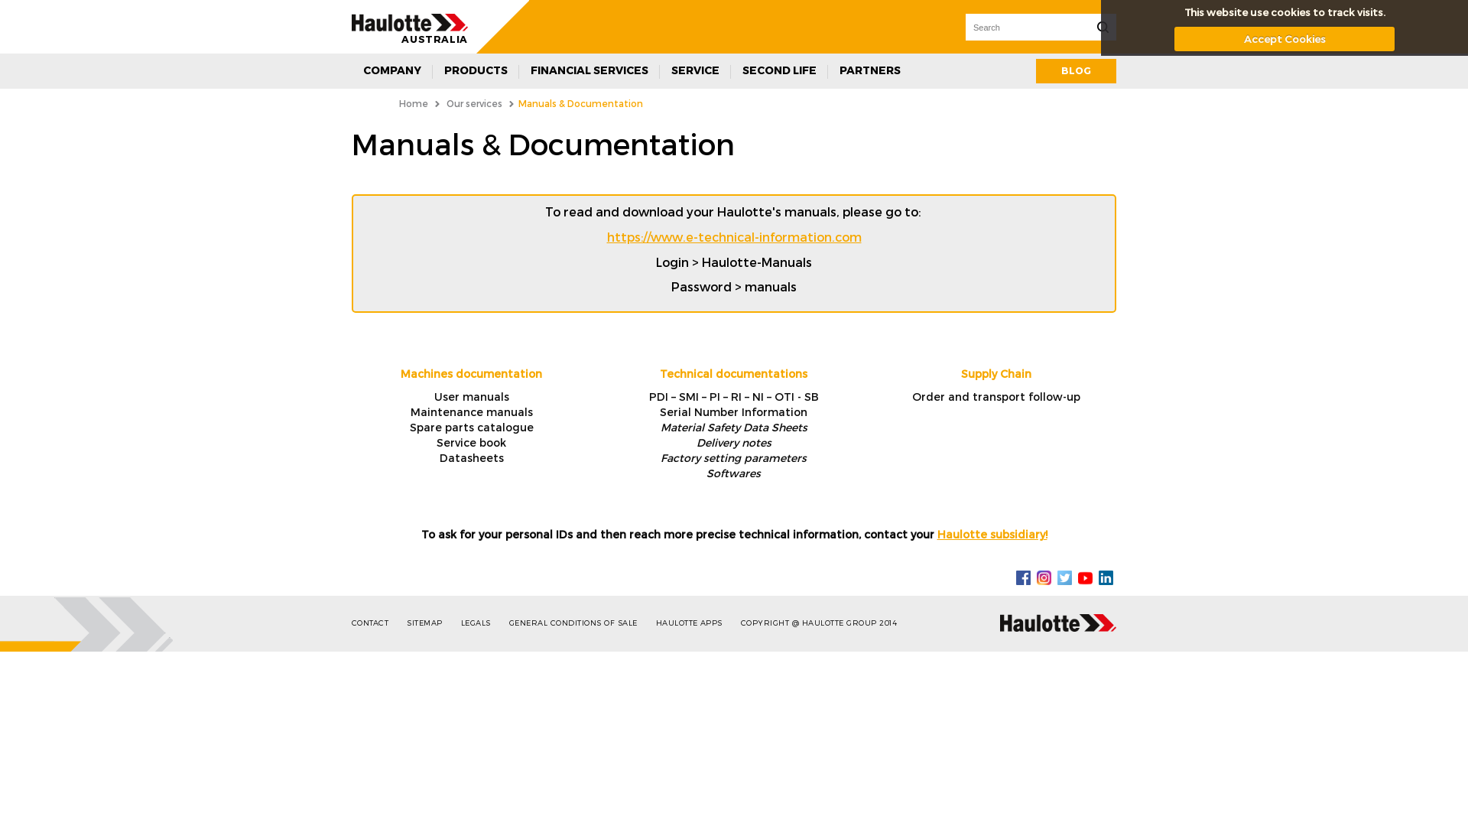 The height and width of the screenshot is (826, 1468). Describe the element at coordinates (1075, 70) in the screenshot. I see `'BLOG'` at that location.